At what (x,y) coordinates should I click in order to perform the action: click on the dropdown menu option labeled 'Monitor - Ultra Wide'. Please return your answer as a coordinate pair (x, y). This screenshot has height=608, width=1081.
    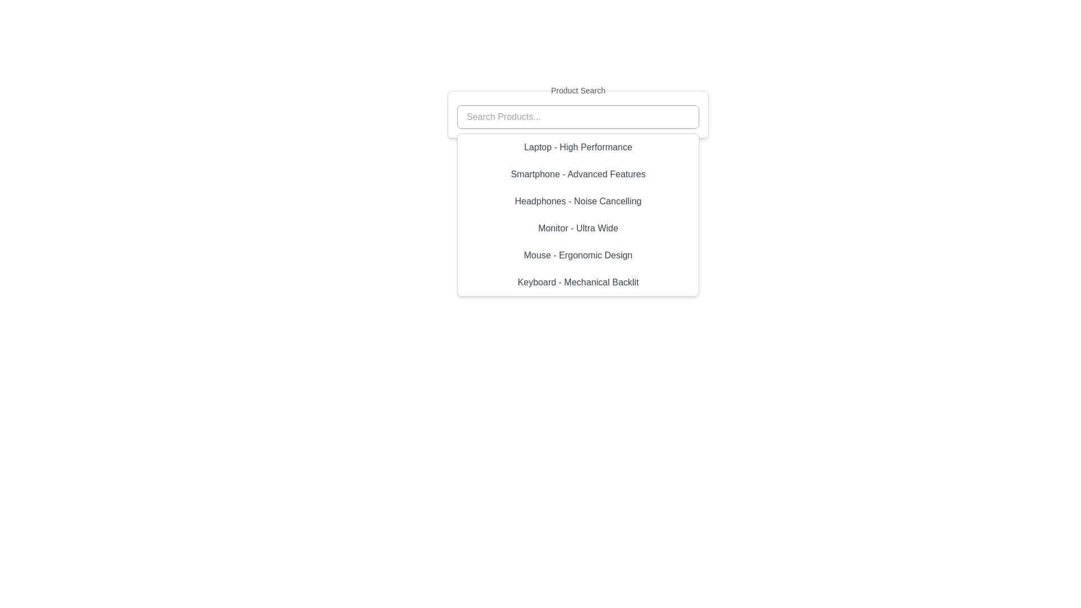
    Looking at the image, I should click on (578, 228).